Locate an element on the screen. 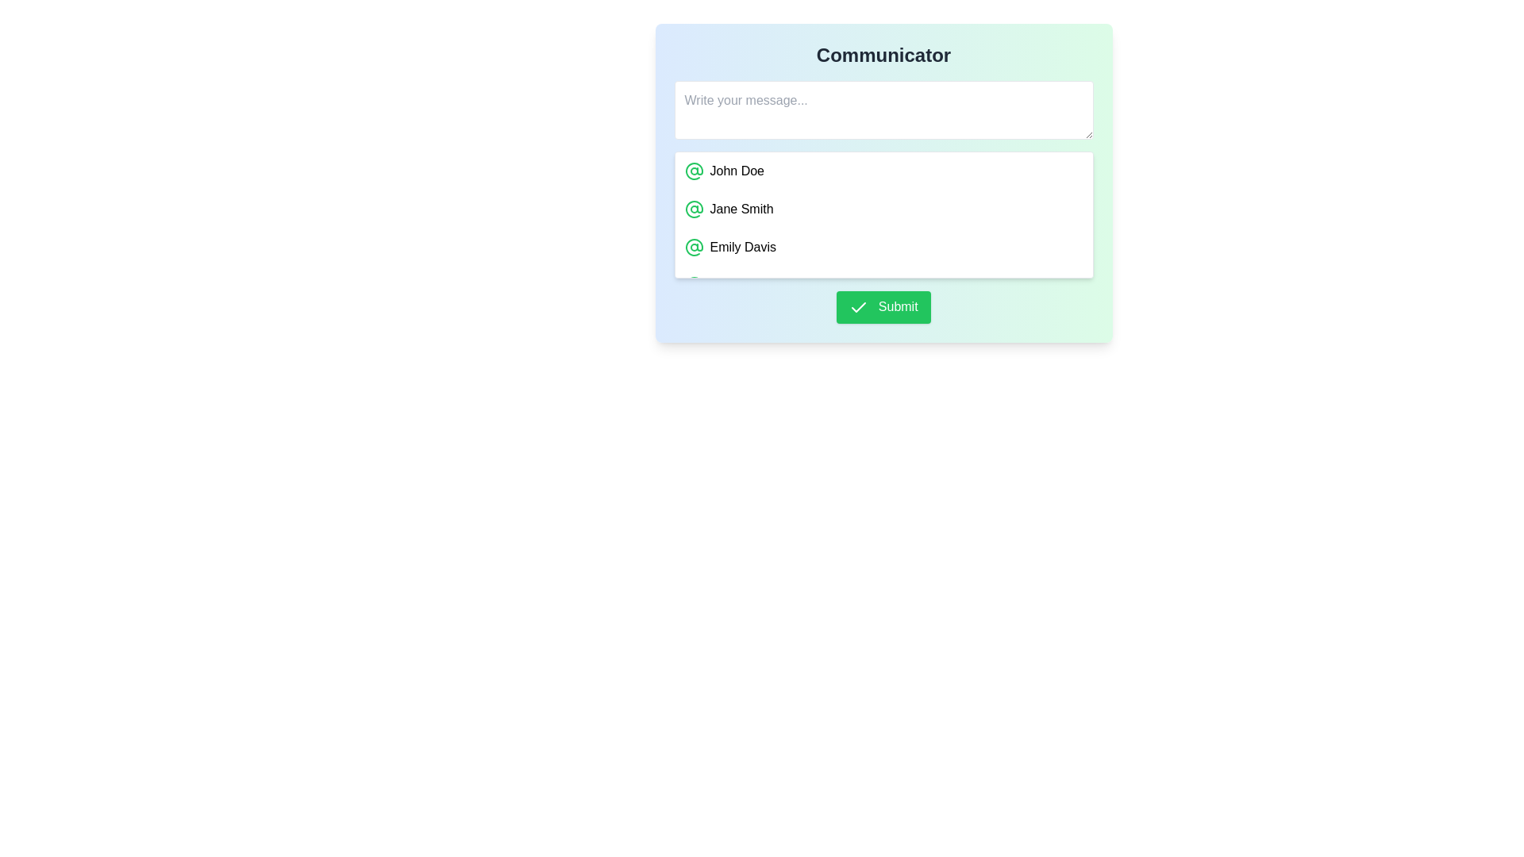 The width and height of the screenshot is (1524, 857). the email icon representing '@' located in the first row of user entries, to the left of 'John Doe' is located at coordinates (694, 171).